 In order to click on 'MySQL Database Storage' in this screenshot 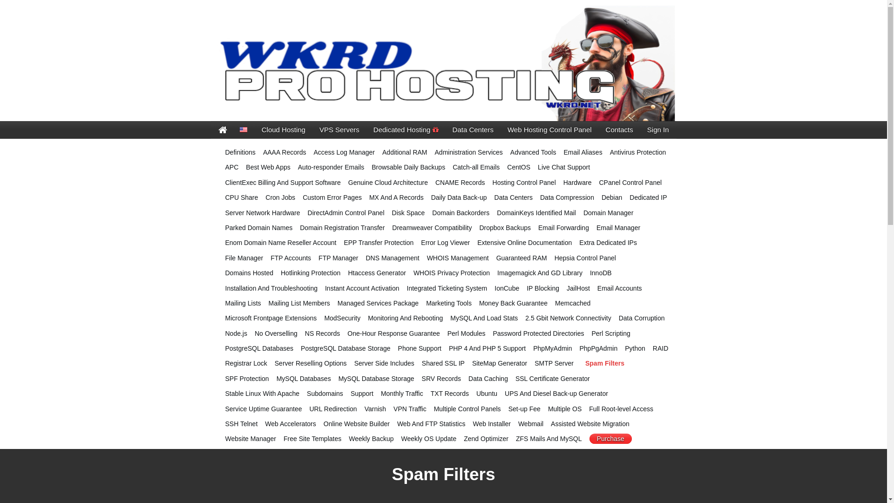, I will do `click(376, 379)`.